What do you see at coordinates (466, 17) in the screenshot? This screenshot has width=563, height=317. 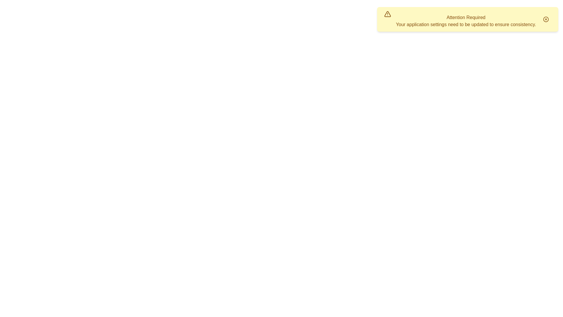 I see `the bold text label 'Attention Required' located at the top of the notification box with a yellow background` at bounding box center [466, 17].